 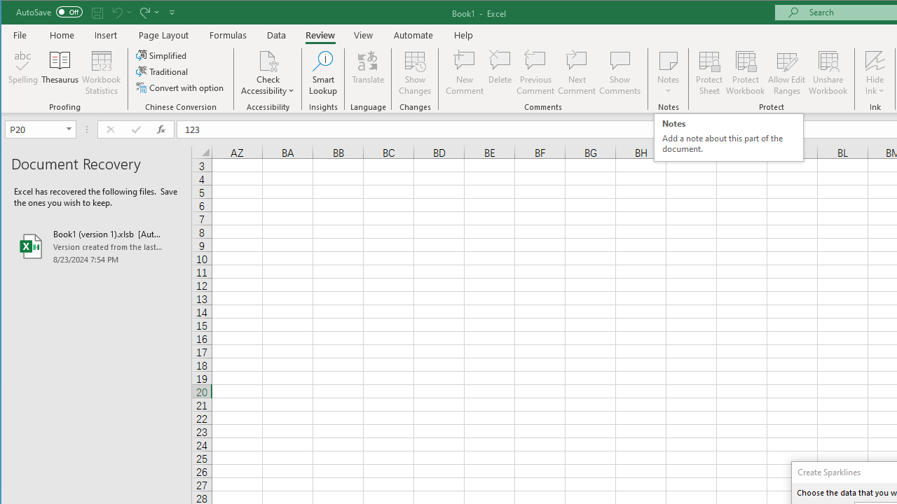 What do you see at coordinates (368, 73) in the screenshot?
I see `'Translate'` at bounding box center [368, 73].